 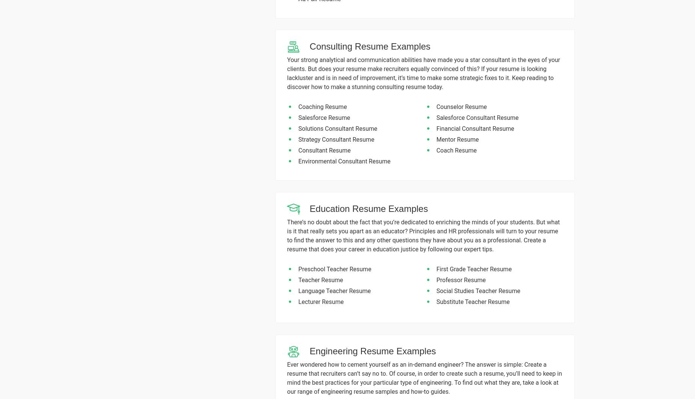 I want to click on 'Preschool Teacher Resume', so click(x=334, y=269).